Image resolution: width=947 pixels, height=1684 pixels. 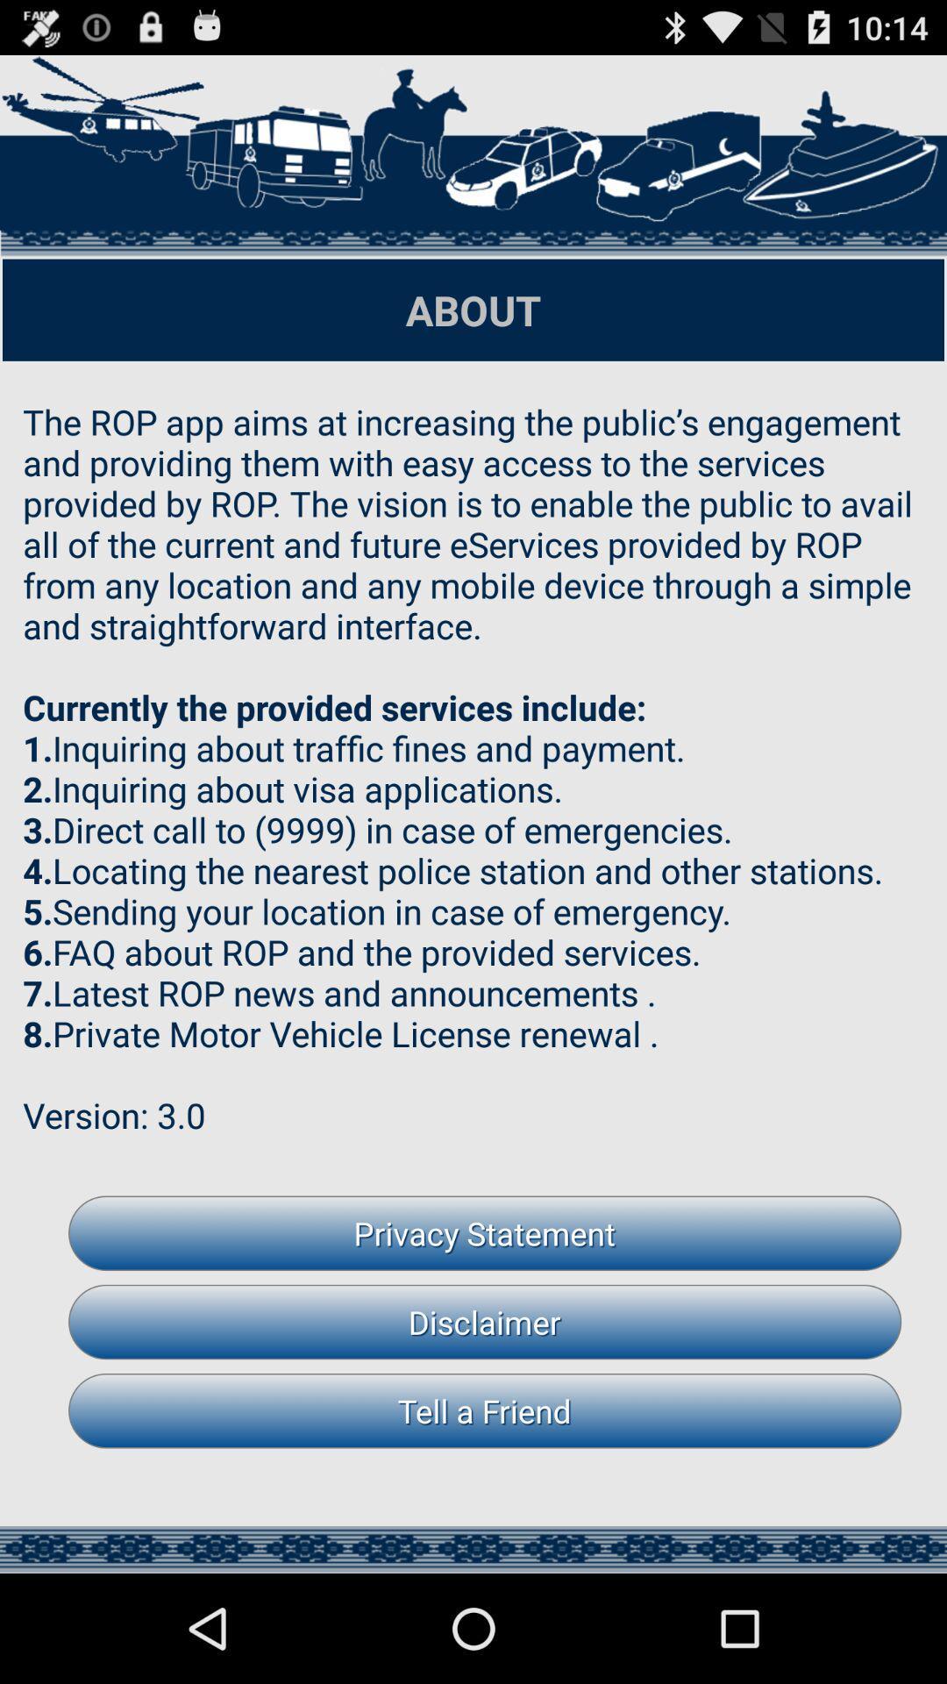 I want to click on the privacy statement button, so click(x=485, y=1232).